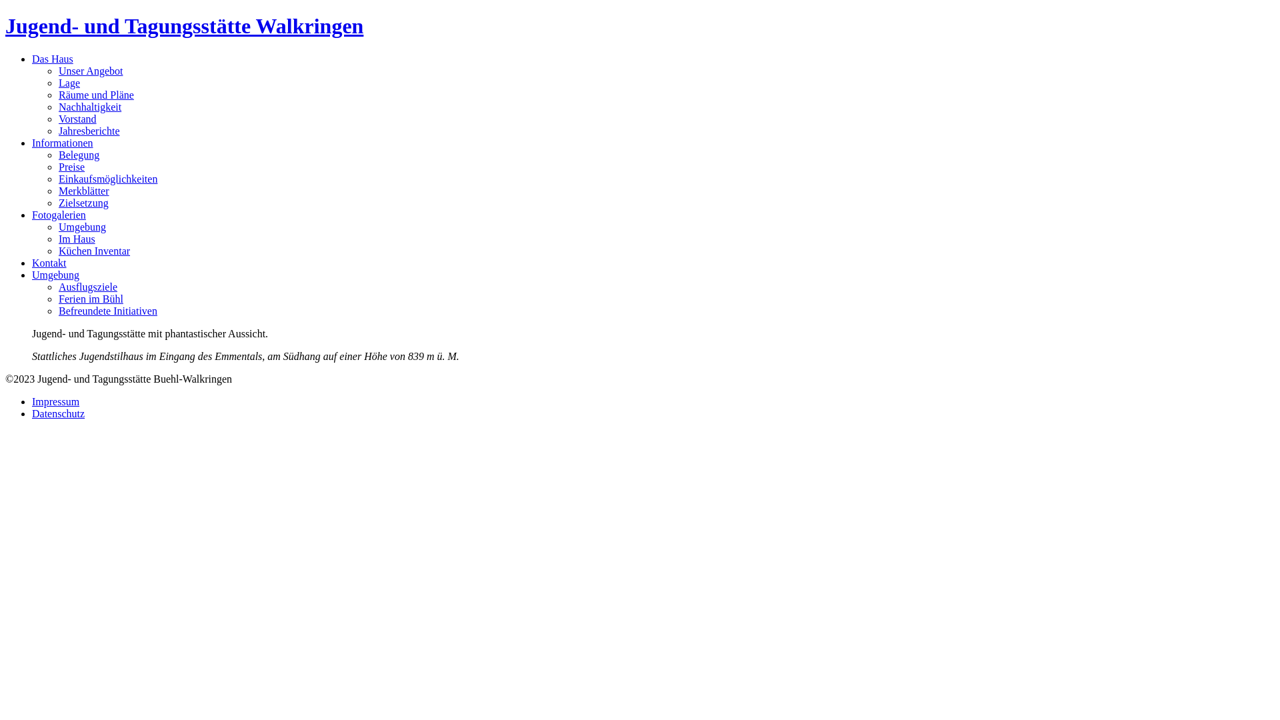 This screenshot has height=720, width=1280. I want to click on 'Im Haus', so click(76, 238).